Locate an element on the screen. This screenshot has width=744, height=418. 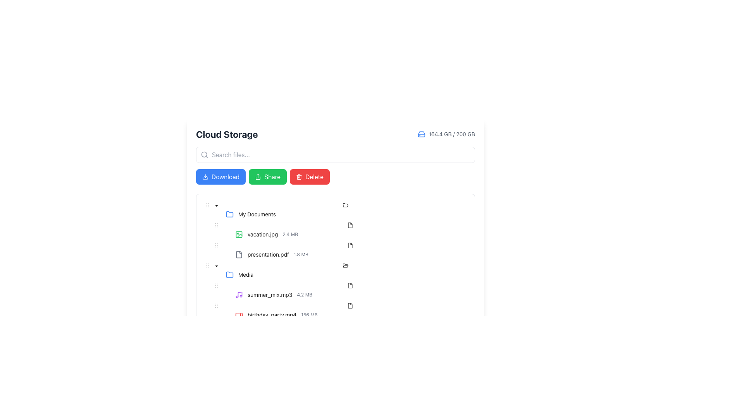
the Tree item representing the video file 'birthday_party.mp4' is located at coordinates (335, 310).